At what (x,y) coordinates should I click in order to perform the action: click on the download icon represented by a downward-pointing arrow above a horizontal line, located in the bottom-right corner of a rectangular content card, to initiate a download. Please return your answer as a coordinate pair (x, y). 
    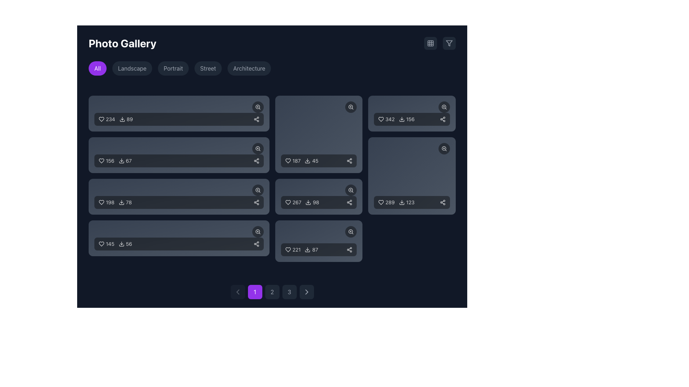
    Looking at the image, I should click on (308, 160).